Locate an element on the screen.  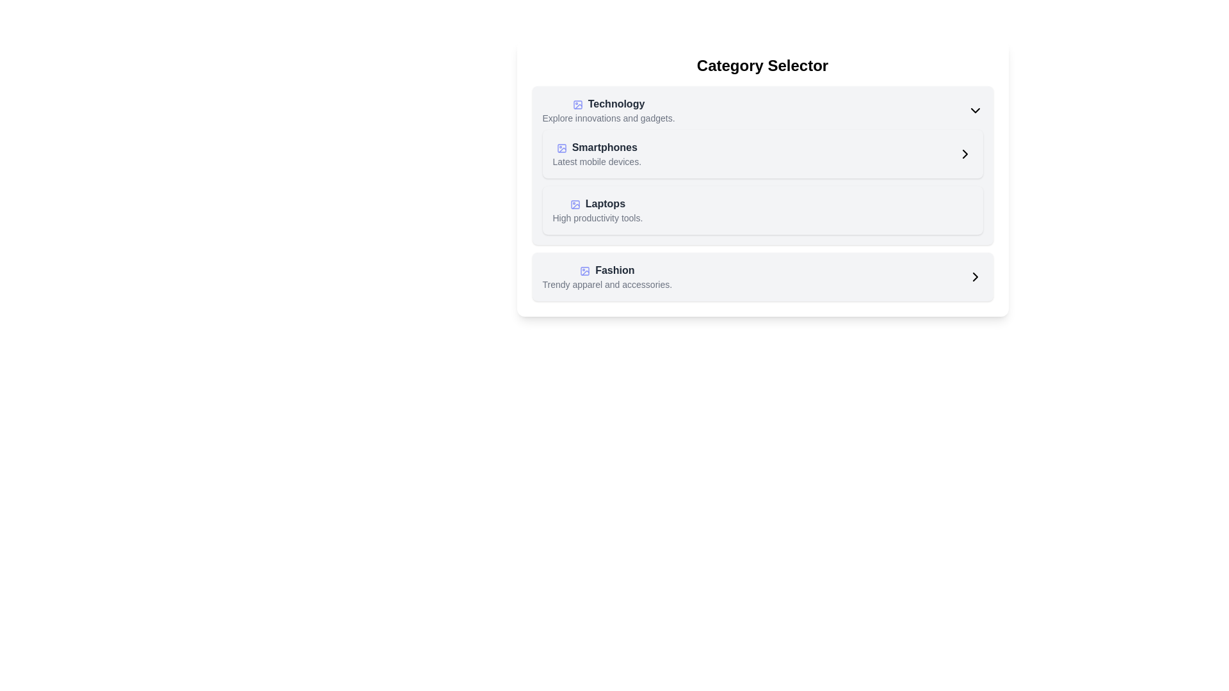
the Vector icon representing an image file, which is displayed as a small, square frame with rounded corners, located to the left of the text 'Laptops' in the third row of the category list is located at coordinates (574, 203).